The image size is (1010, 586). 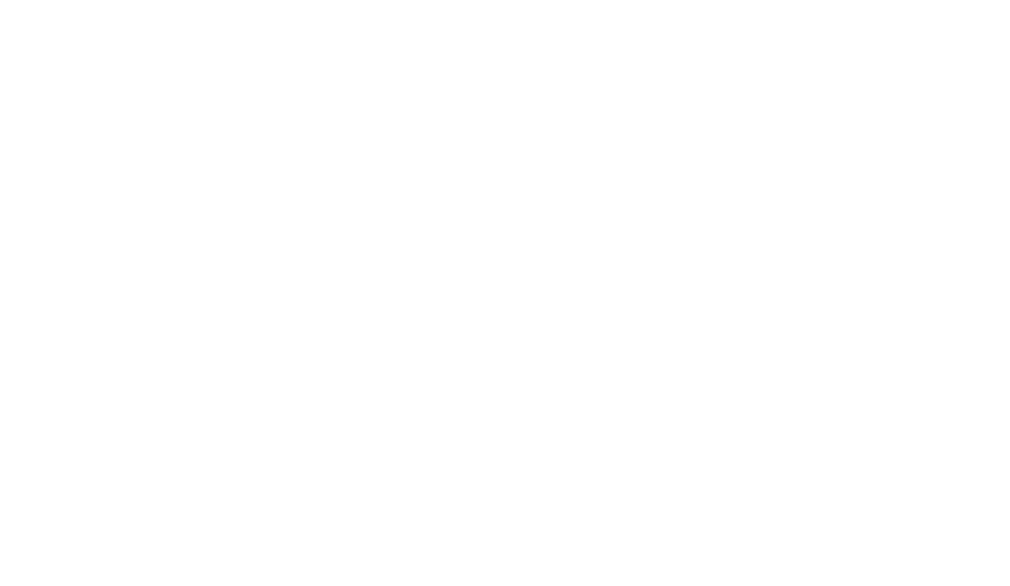 I want to click on 'Rome', so click(x=504, y=419).